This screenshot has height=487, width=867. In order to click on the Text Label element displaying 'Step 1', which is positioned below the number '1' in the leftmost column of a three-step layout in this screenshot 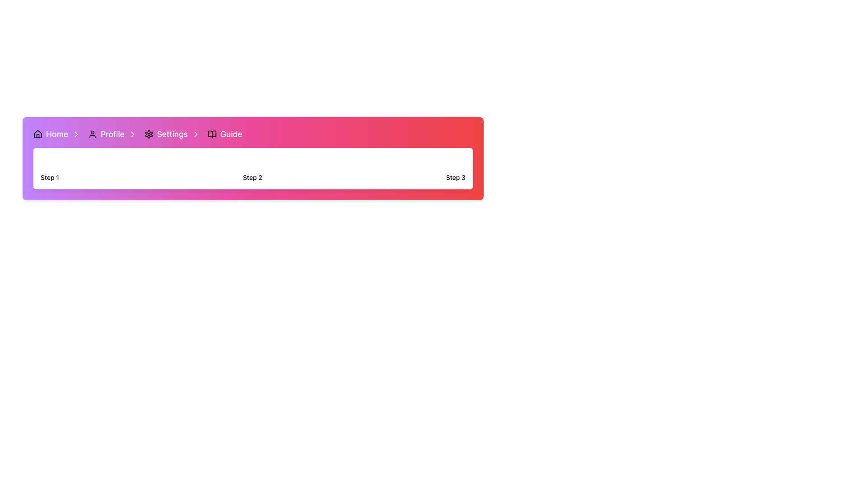, I will do `click(49, 177)`.